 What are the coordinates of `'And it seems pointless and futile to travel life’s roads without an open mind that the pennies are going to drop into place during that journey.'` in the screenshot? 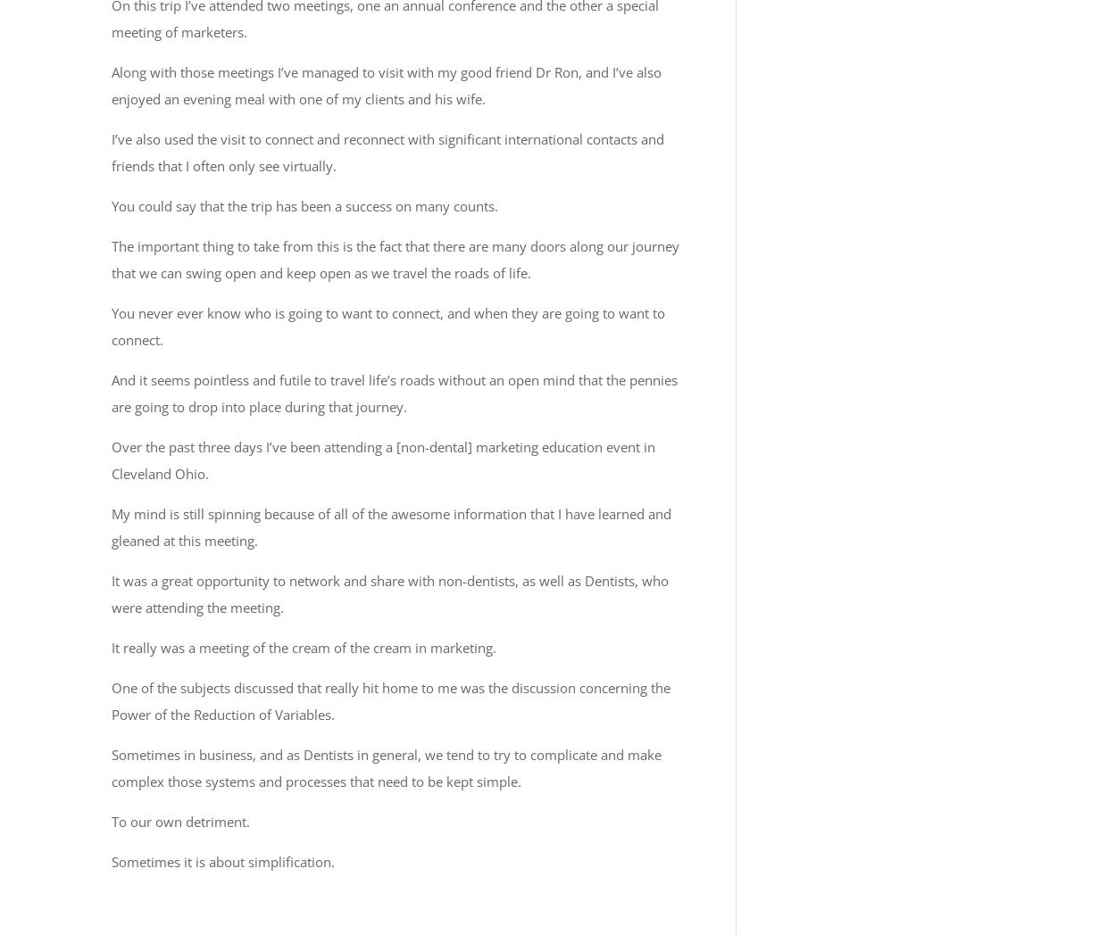 It's located at (394, 391).